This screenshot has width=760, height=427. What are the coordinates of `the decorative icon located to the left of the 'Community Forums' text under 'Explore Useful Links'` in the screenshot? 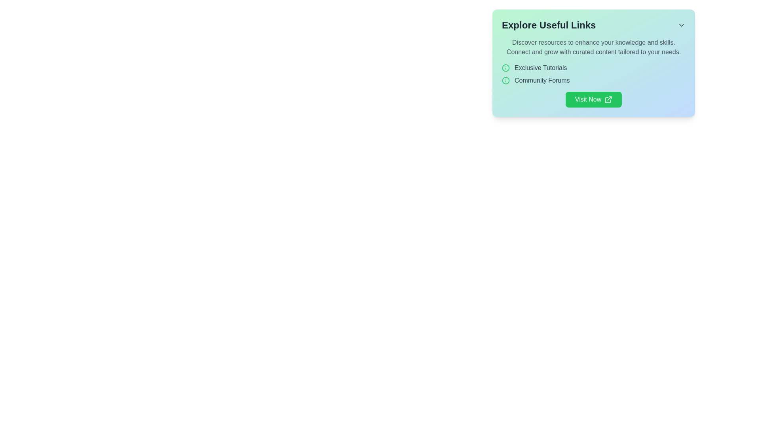 It's located at (505, 81).